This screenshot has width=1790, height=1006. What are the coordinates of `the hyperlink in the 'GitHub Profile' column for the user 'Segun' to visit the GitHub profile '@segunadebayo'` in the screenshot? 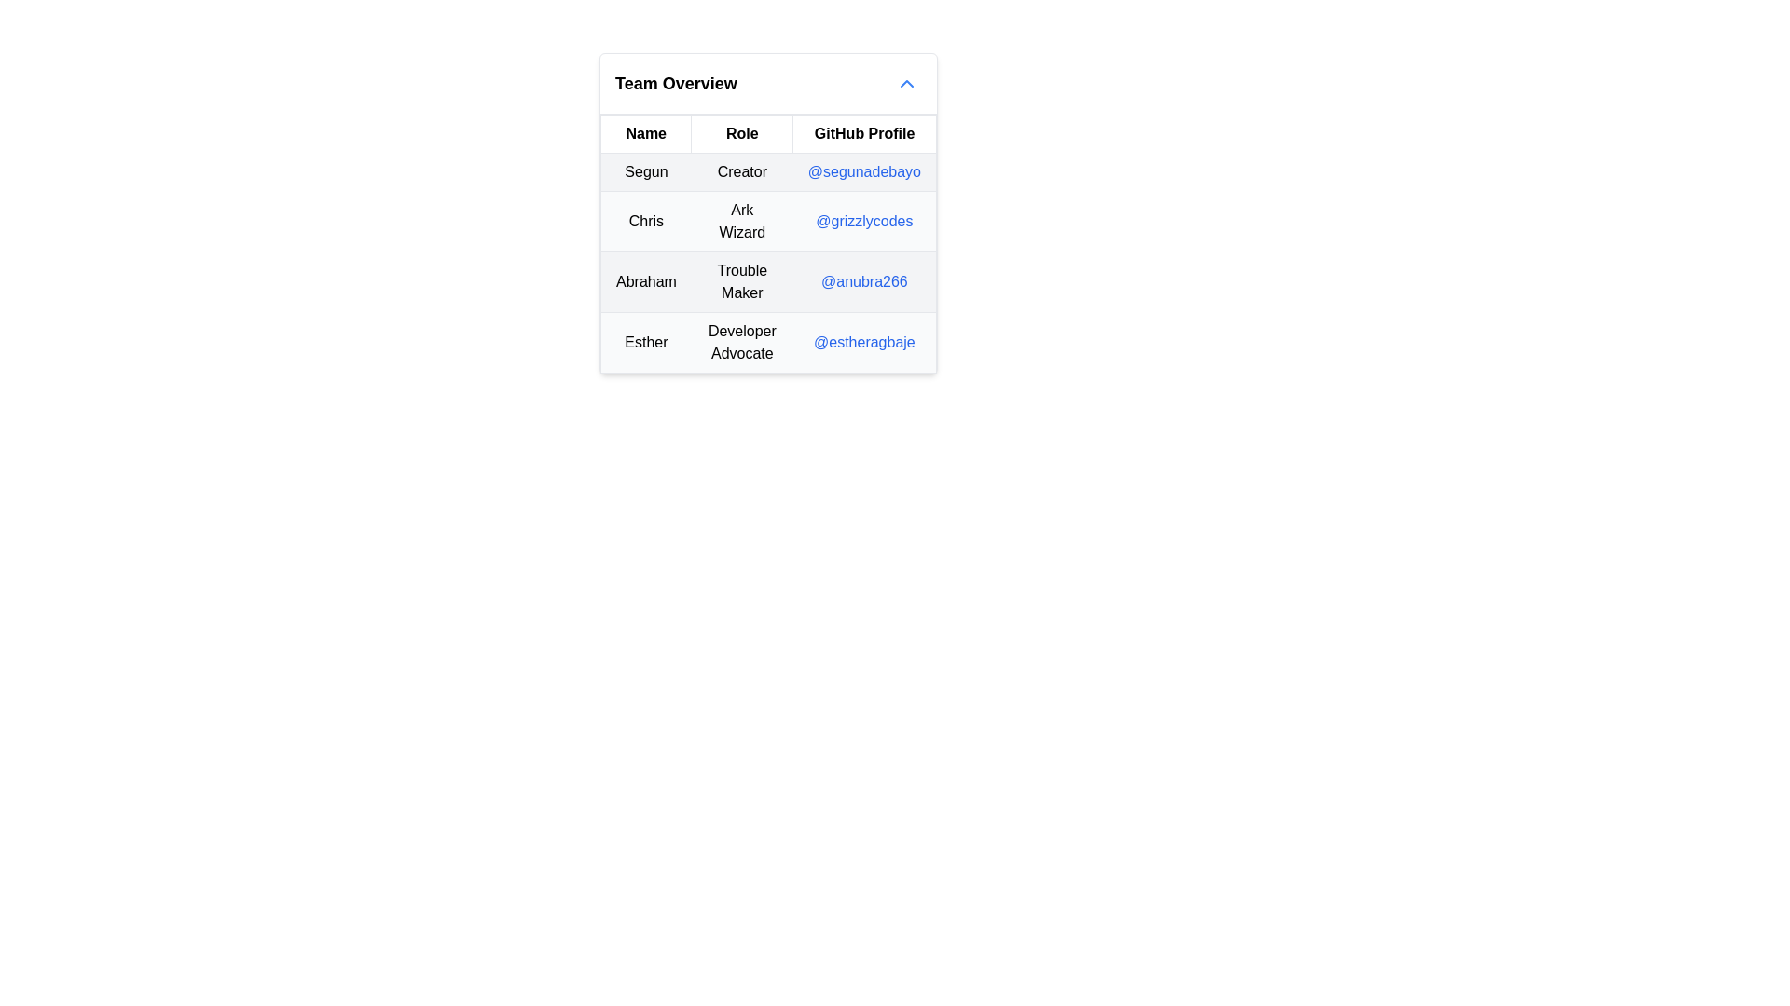 It's located at (863, 172).